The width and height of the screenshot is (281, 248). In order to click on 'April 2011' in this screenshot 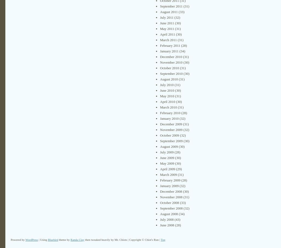, I will do `click(168, 34)`.